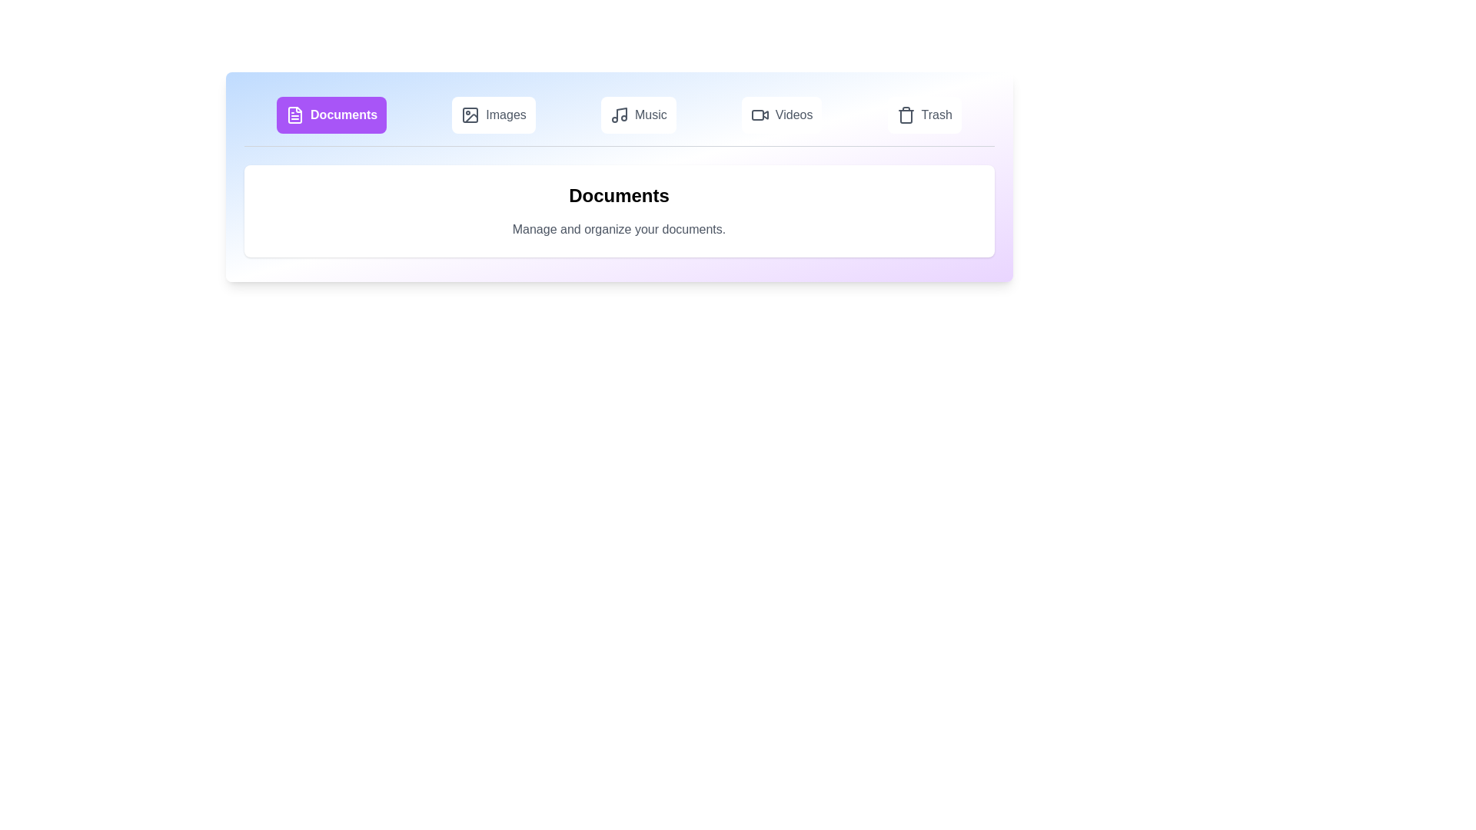 The image size is (1476, 830). Describe the element at coordinates (923, 115) in the screenshot. I see `the tab labeled Trash to preview its effect` at that location.